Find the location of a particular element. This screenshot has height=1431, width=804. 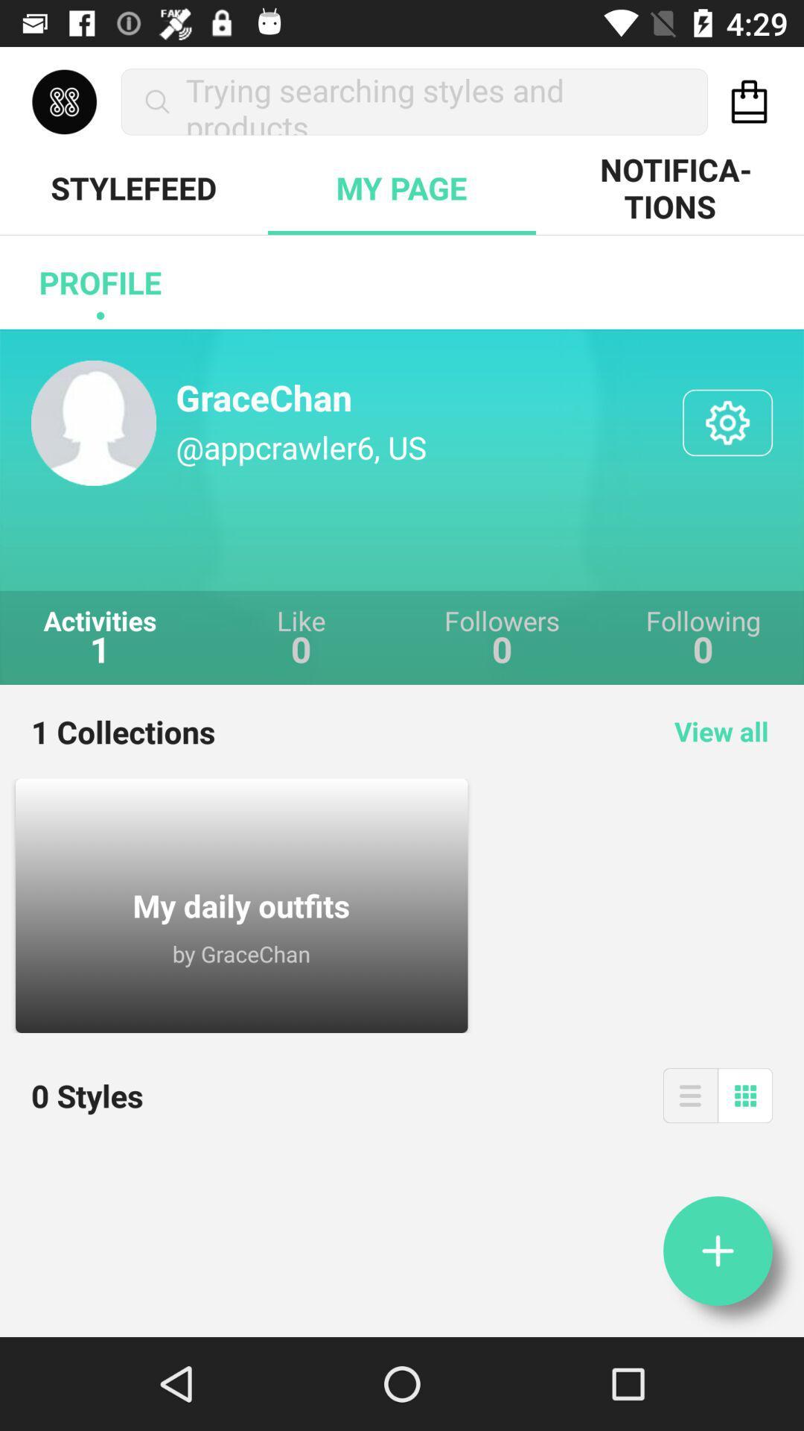

navigation bar is located at coordinates (690, 1095).